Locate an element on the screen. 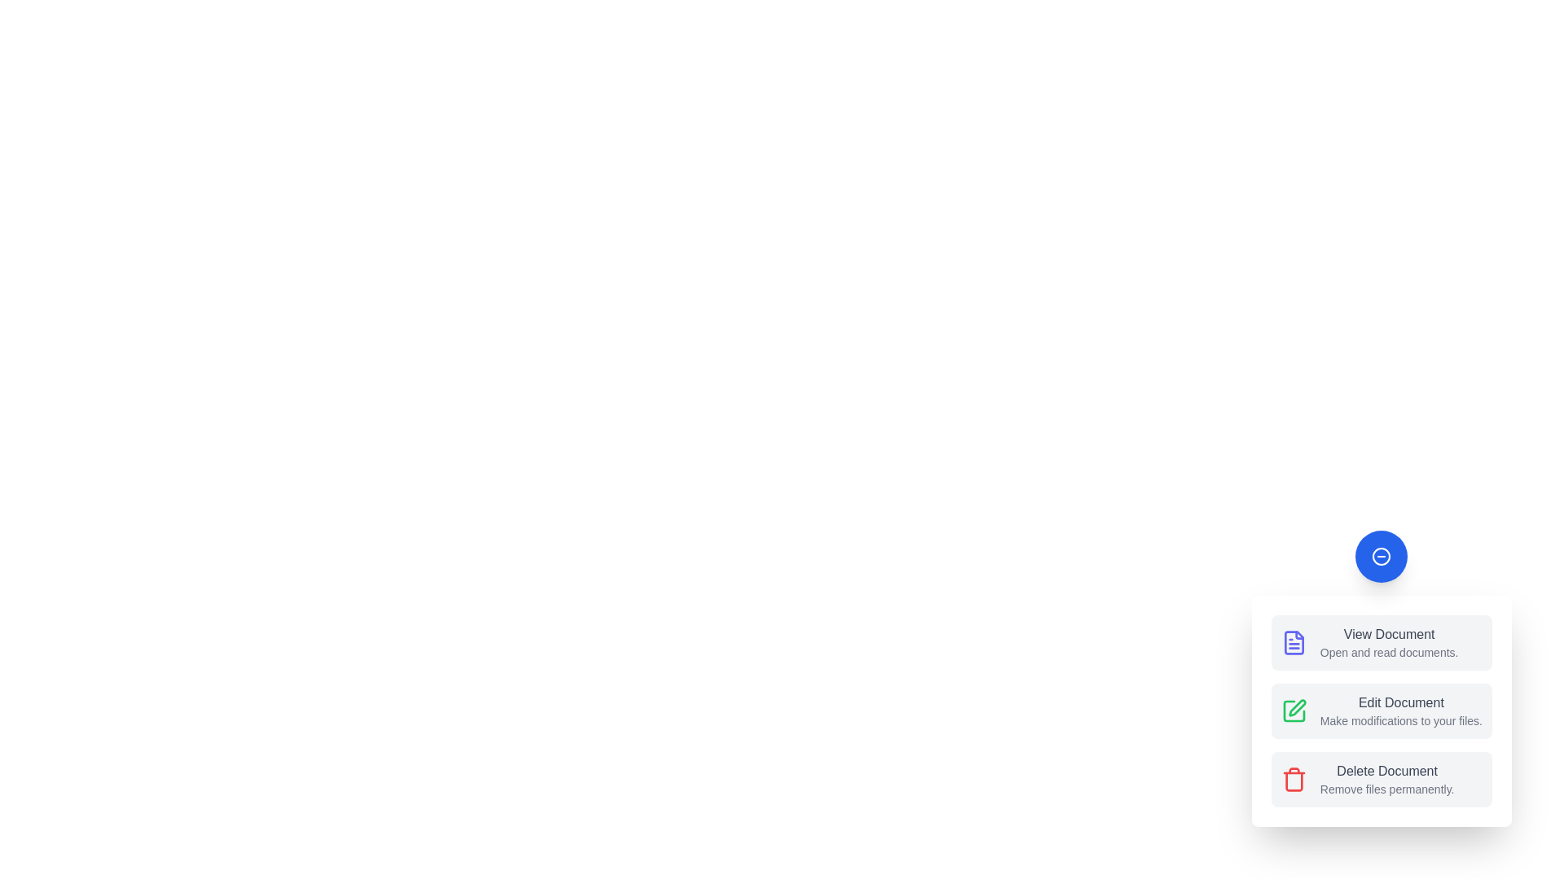  toggle button to collapse the speed dial menu is located at coordinates (1380, 555).